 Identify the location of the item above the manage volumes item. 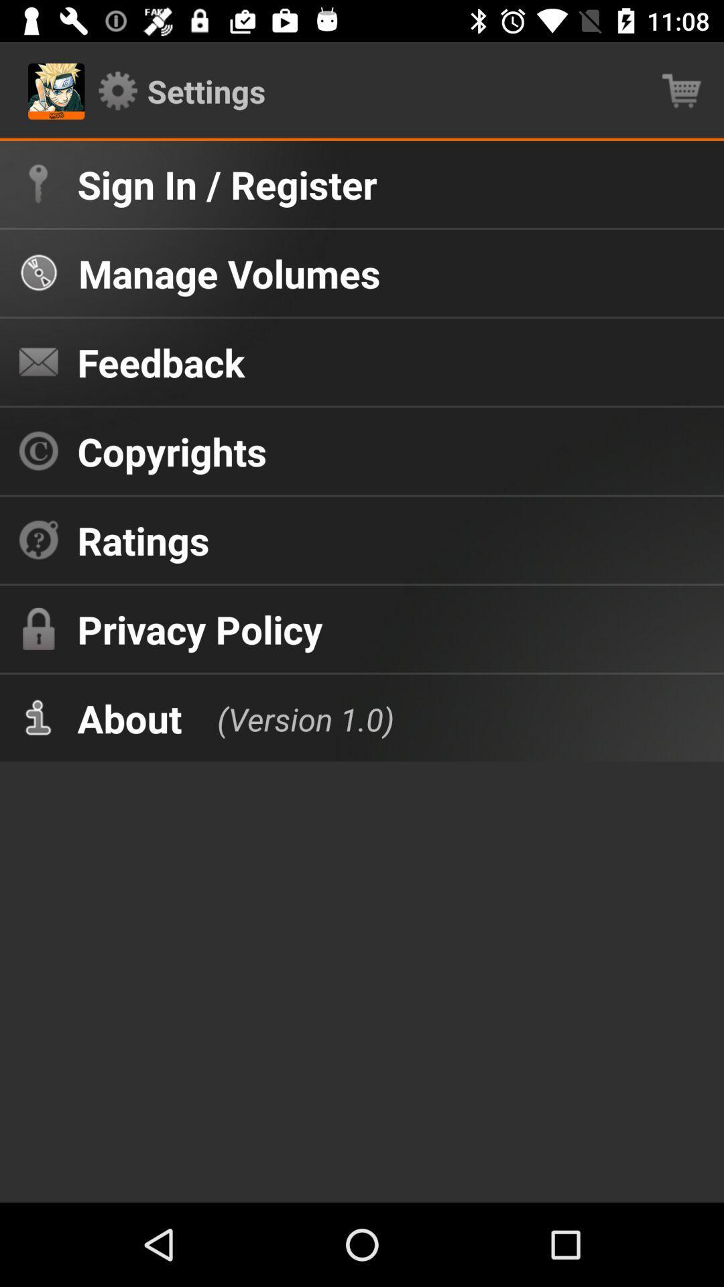
(227, 183).